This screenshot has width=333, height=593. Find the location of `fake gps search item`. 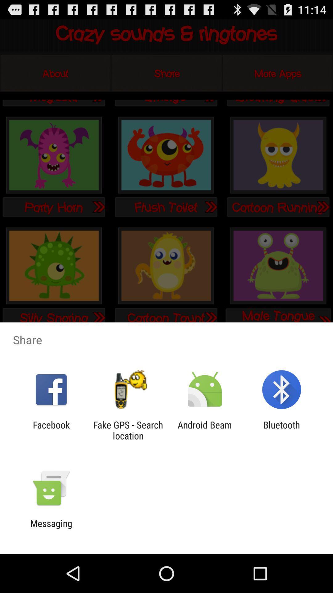

fake gps search item is located at coordinates (128, 430).